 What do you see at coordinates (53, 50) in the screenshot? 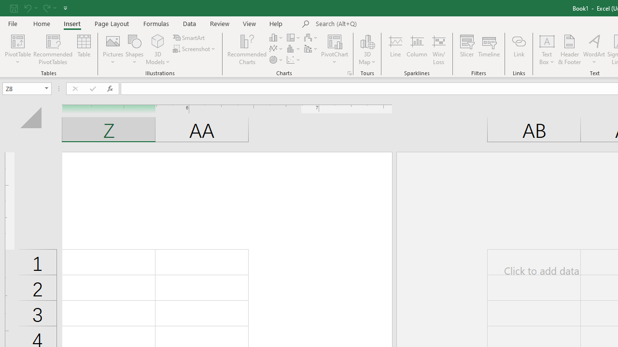
I see `'Recommended PivotTables'` at bounding box center [53, 50].